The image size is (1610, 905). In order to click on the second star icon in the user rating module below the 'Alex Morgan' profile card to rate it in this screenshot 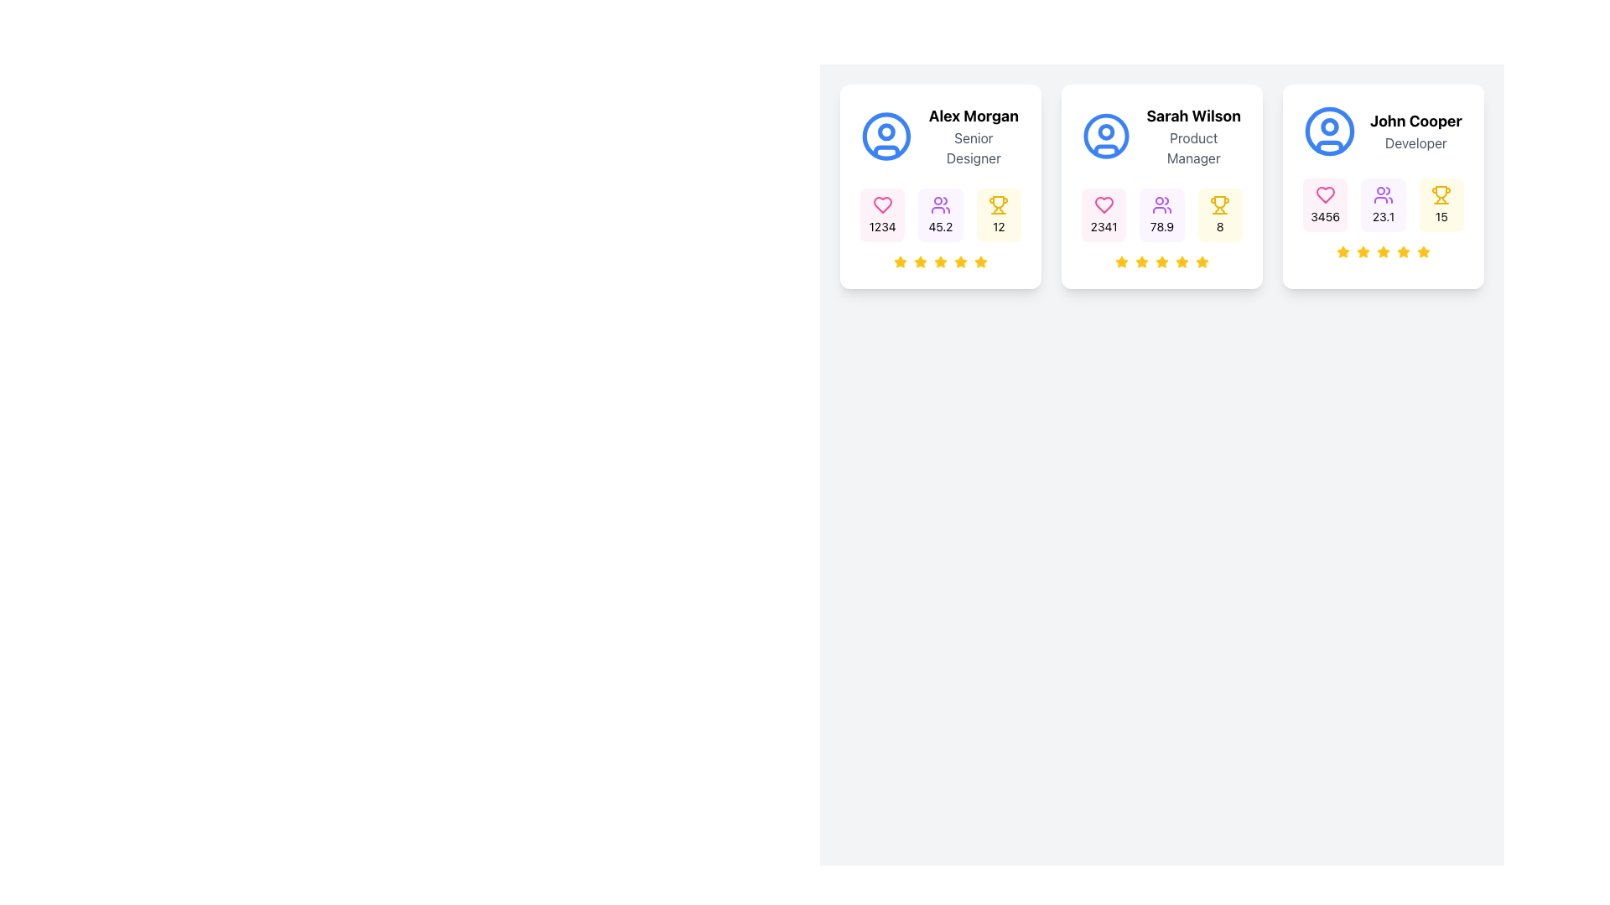, I will do `click(920, 261)`.